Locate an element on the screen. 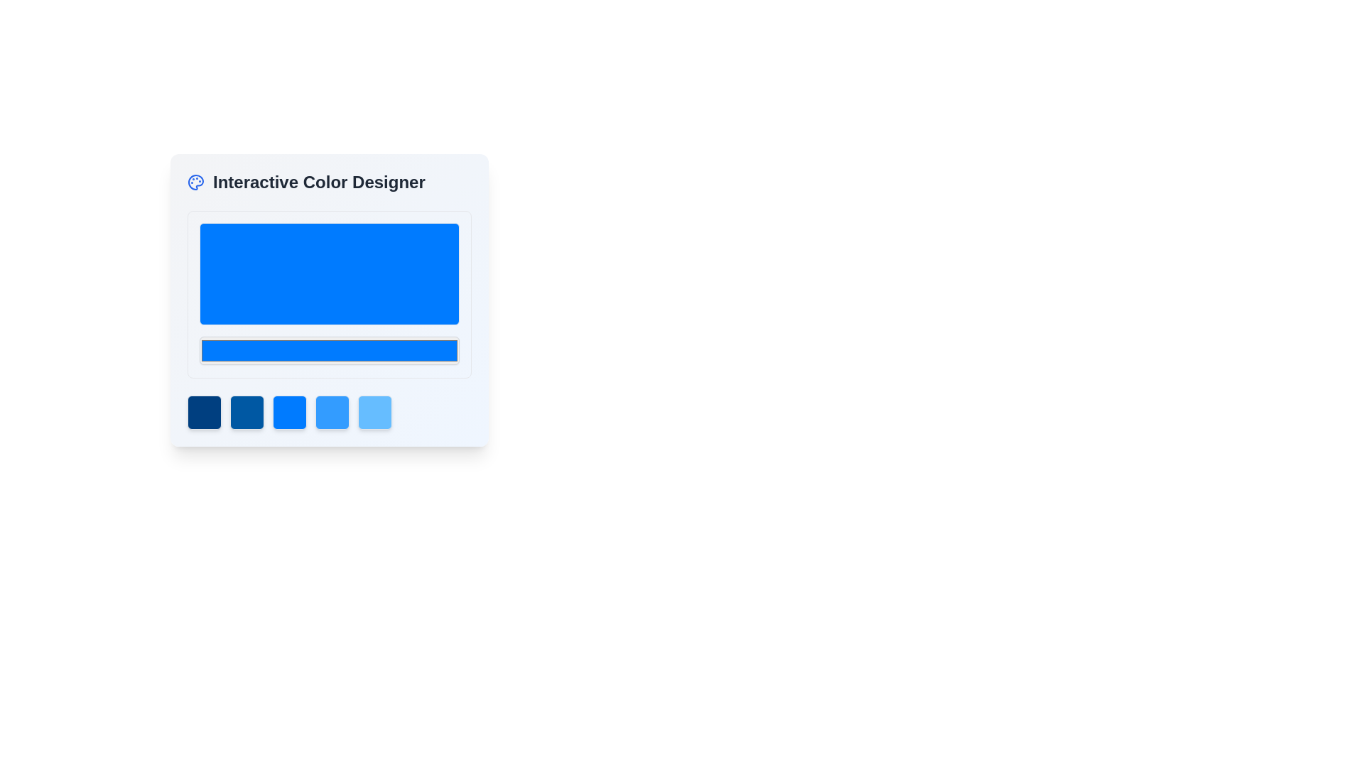 Image resolution: width=1364 pixels, height=767 pixels. the first dark blue square button in the Interactive Color Designer interface is located at coordinates (204, 413).